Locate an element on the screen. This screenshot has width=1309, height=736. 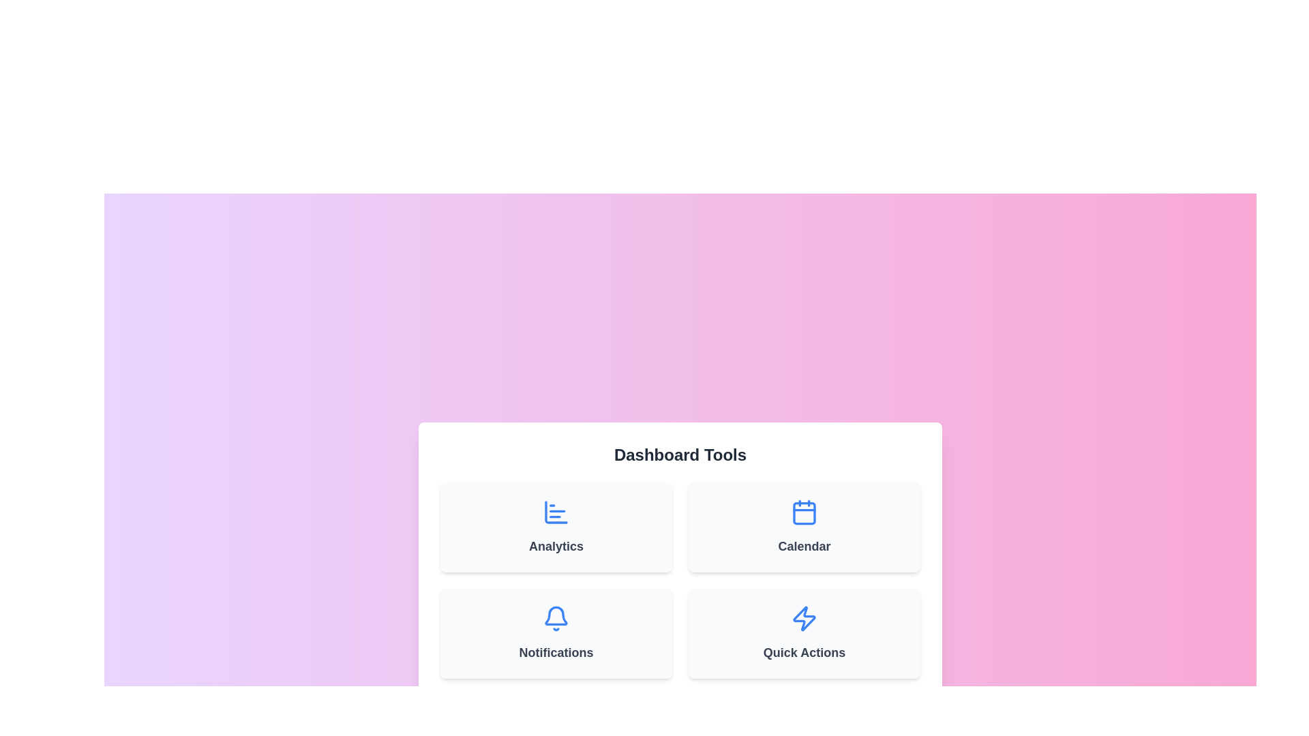
the inner rectangle of the calendar icon located in the upper-right segment of the dashboard tools grid is located at coordinates (804, 512).